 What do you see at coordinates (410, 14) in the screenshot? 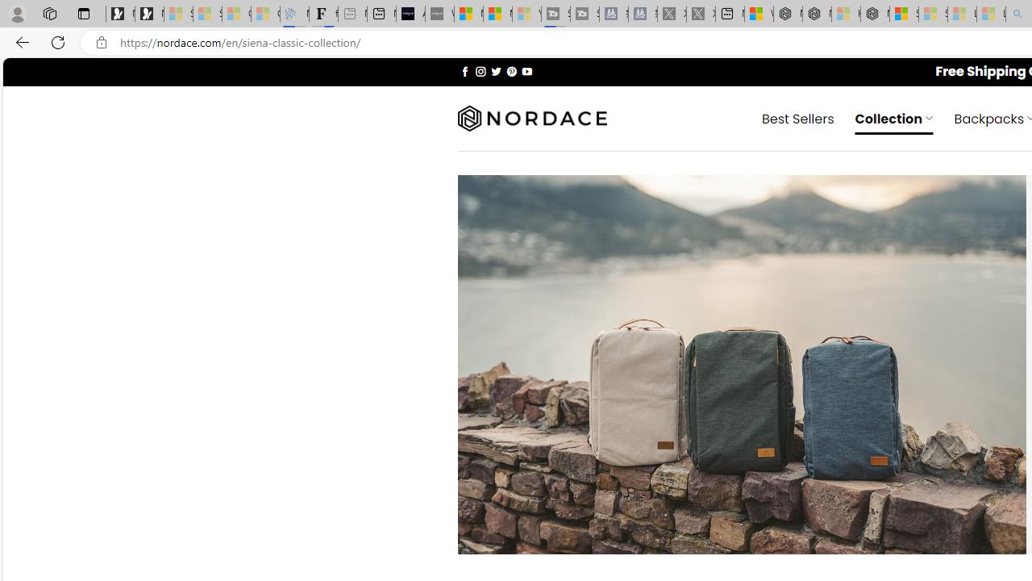
I see `'AI Voice Changer for PC and Mac - Voice.ai'` at bounding box center [410, 14].